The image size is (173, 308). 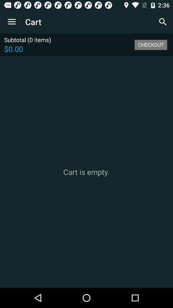 What do you see at coordinates (151, 44) in the screenshot?
I see `item next to subtotal (0 items)` at bounding box center [151, 44].